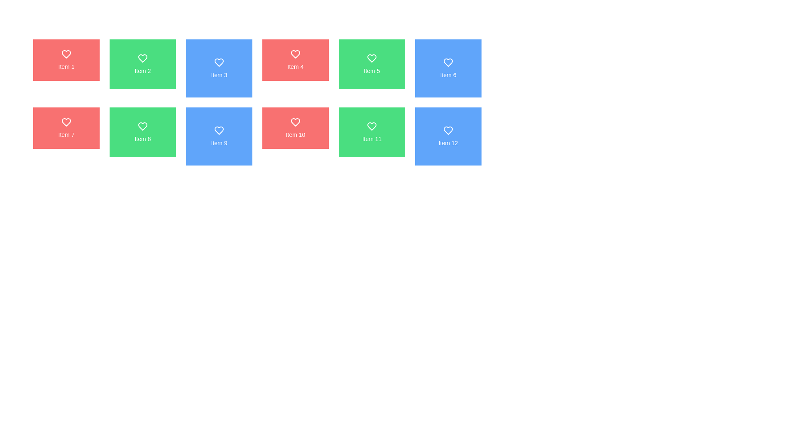 This screenshot has width=797, height=448. What do you see at coordinates (372, 58) in the screenshot?
I see `the heart-shaped SVG icon located in the fifth square from the left in the top row of a green grid labeled 'Item 5'` at bounding box center [372, 58].